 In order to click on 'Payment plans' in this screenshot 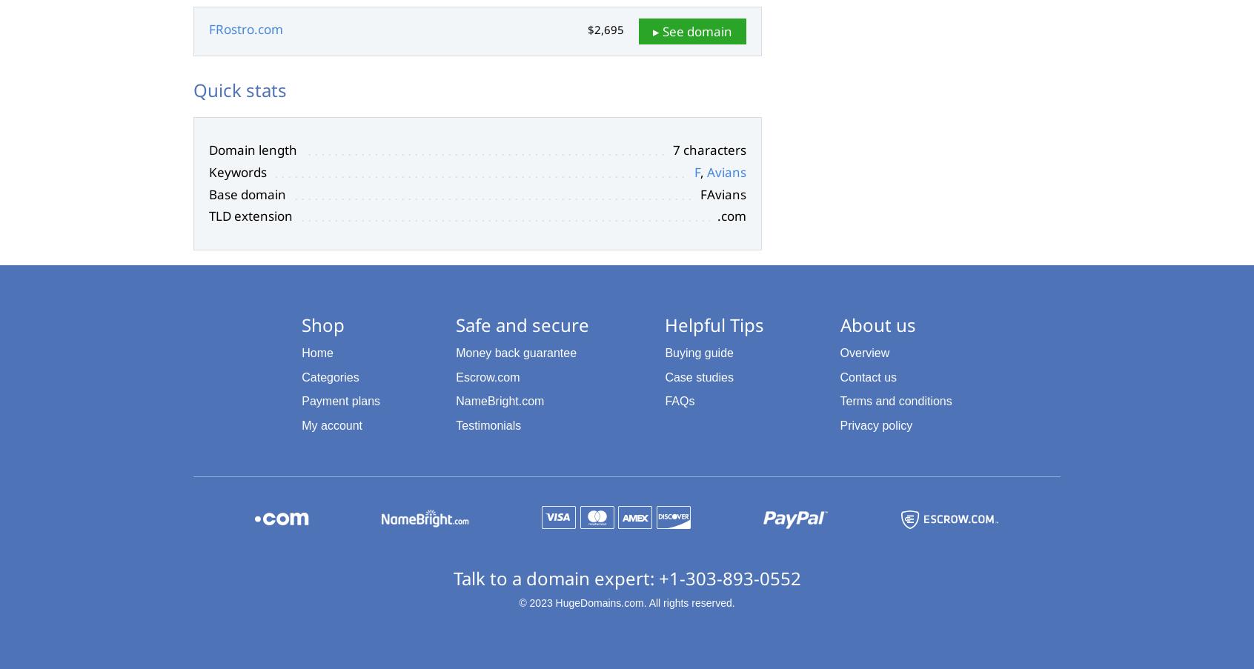, I will do `click(340, 400)`.